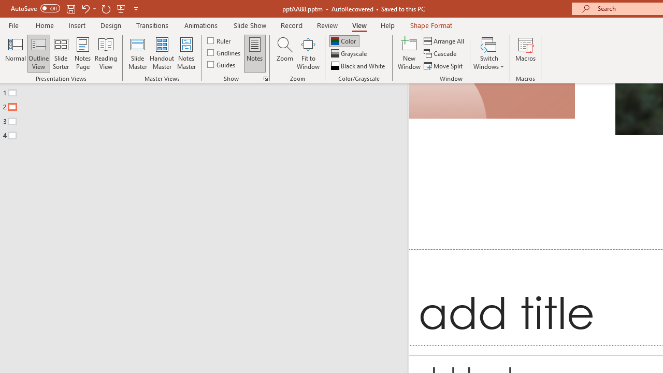 The width and height of the screenshot is (663, 373). I want to click on 'Color', so click(344, 40).